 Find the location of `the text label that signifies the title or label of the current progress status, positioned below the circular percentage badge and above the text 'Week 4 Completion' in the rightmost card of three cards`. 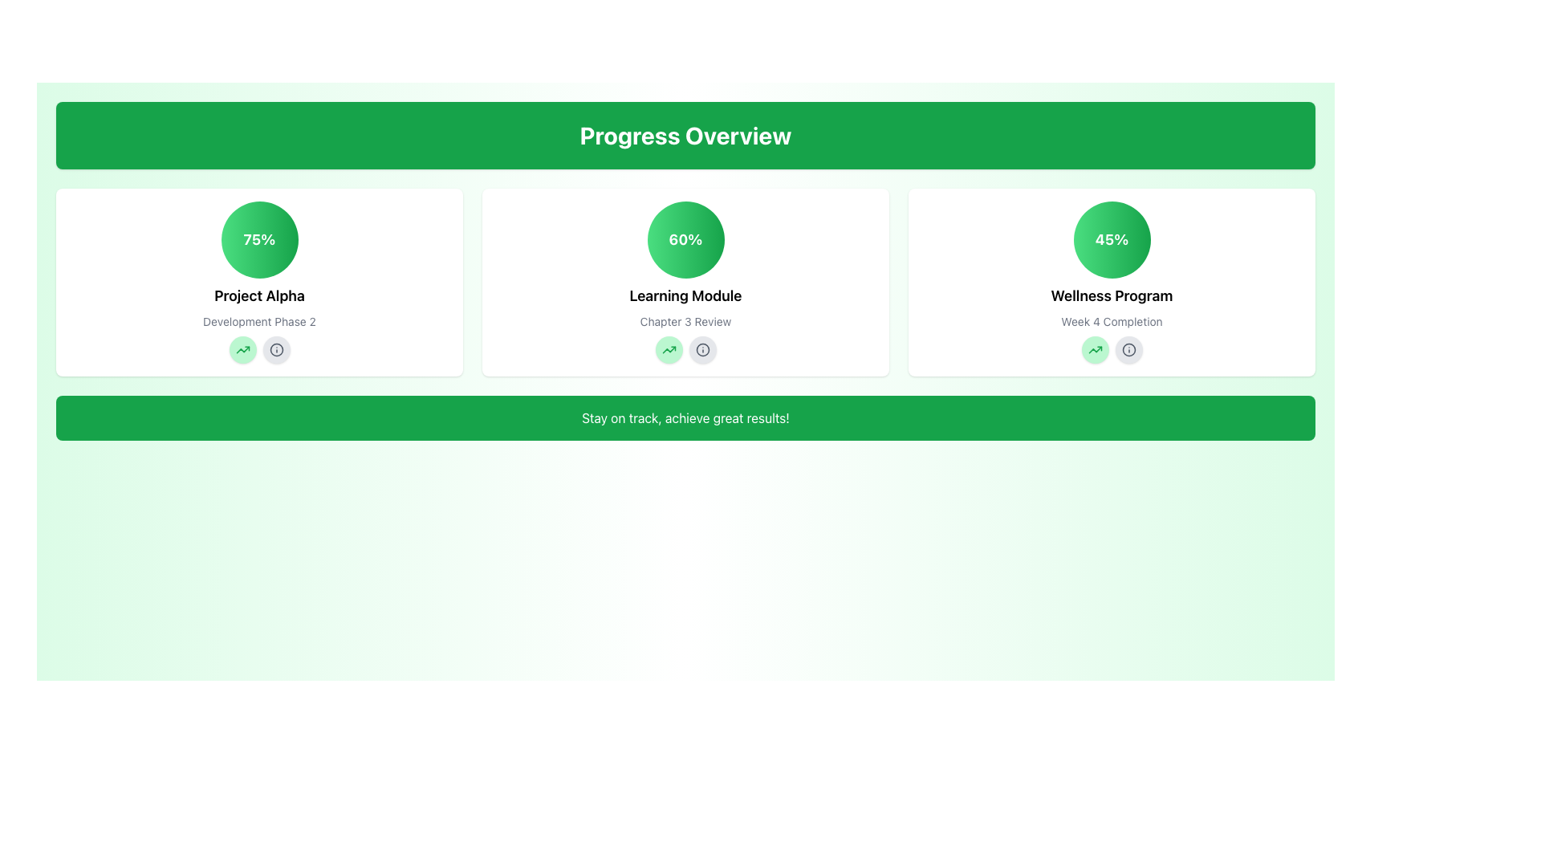

the text label that signifies the title or label of the current progress status, positioned below the circular percentage badge and above the text 'Week 4 Completion' in the rightmost card of three cards is located at coordinates (1111, 296).